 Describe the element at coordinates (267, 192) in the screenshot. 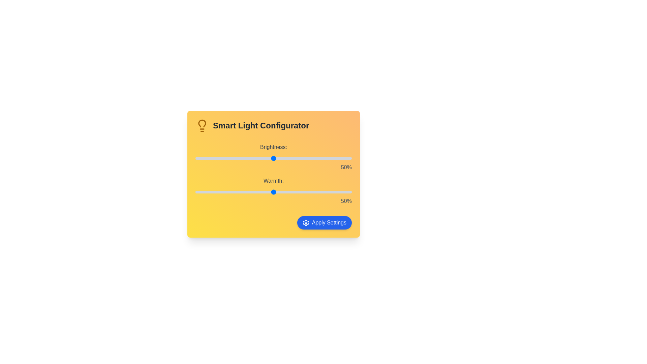

I see `the slider` at that location.